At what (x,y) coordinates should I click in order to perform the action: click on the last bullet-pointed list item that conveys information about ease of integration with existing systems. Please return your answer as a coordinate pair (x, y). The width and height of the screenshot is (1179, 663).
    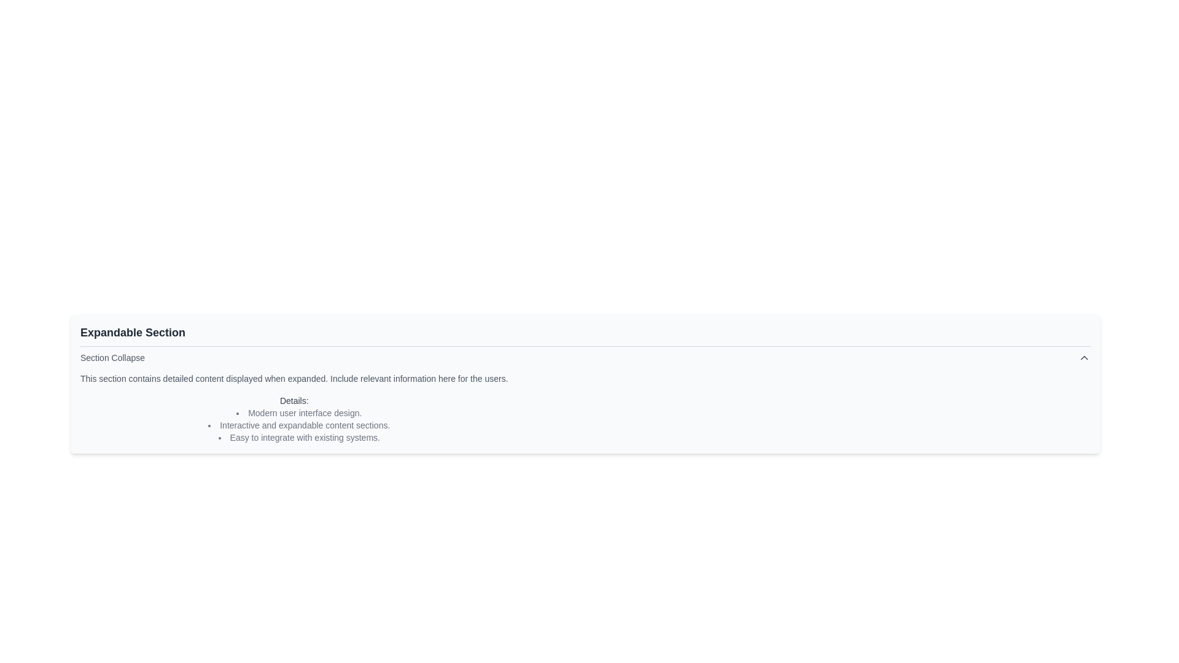
    Looking at the image, I should click on (299, 436).